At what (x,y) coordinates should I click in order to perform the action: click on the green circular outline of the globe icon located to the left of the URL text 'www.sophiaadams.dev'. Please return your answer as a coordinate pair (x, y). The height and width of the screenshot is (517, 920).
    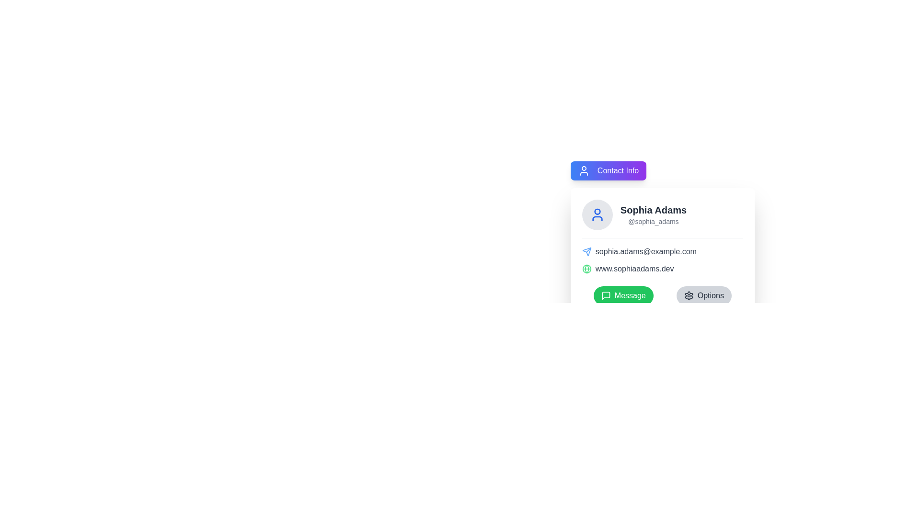
    Looking at the image, I should click on (586, 269).